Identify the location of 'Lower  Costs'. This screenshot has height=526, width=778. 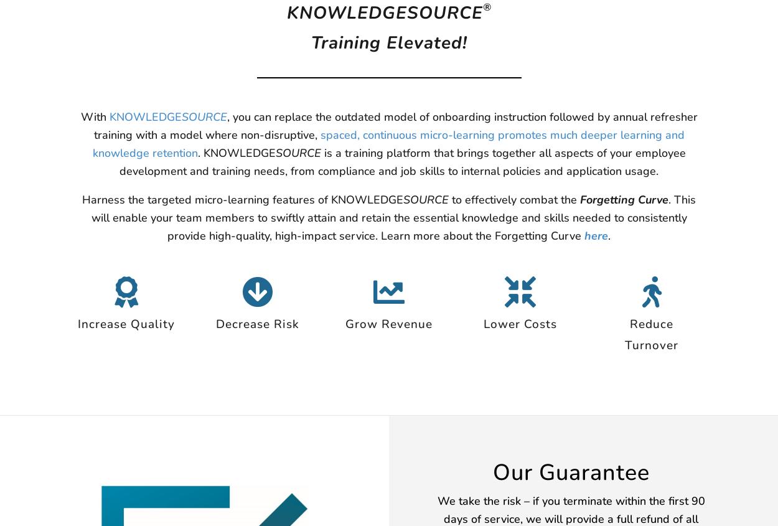
(519, 323).